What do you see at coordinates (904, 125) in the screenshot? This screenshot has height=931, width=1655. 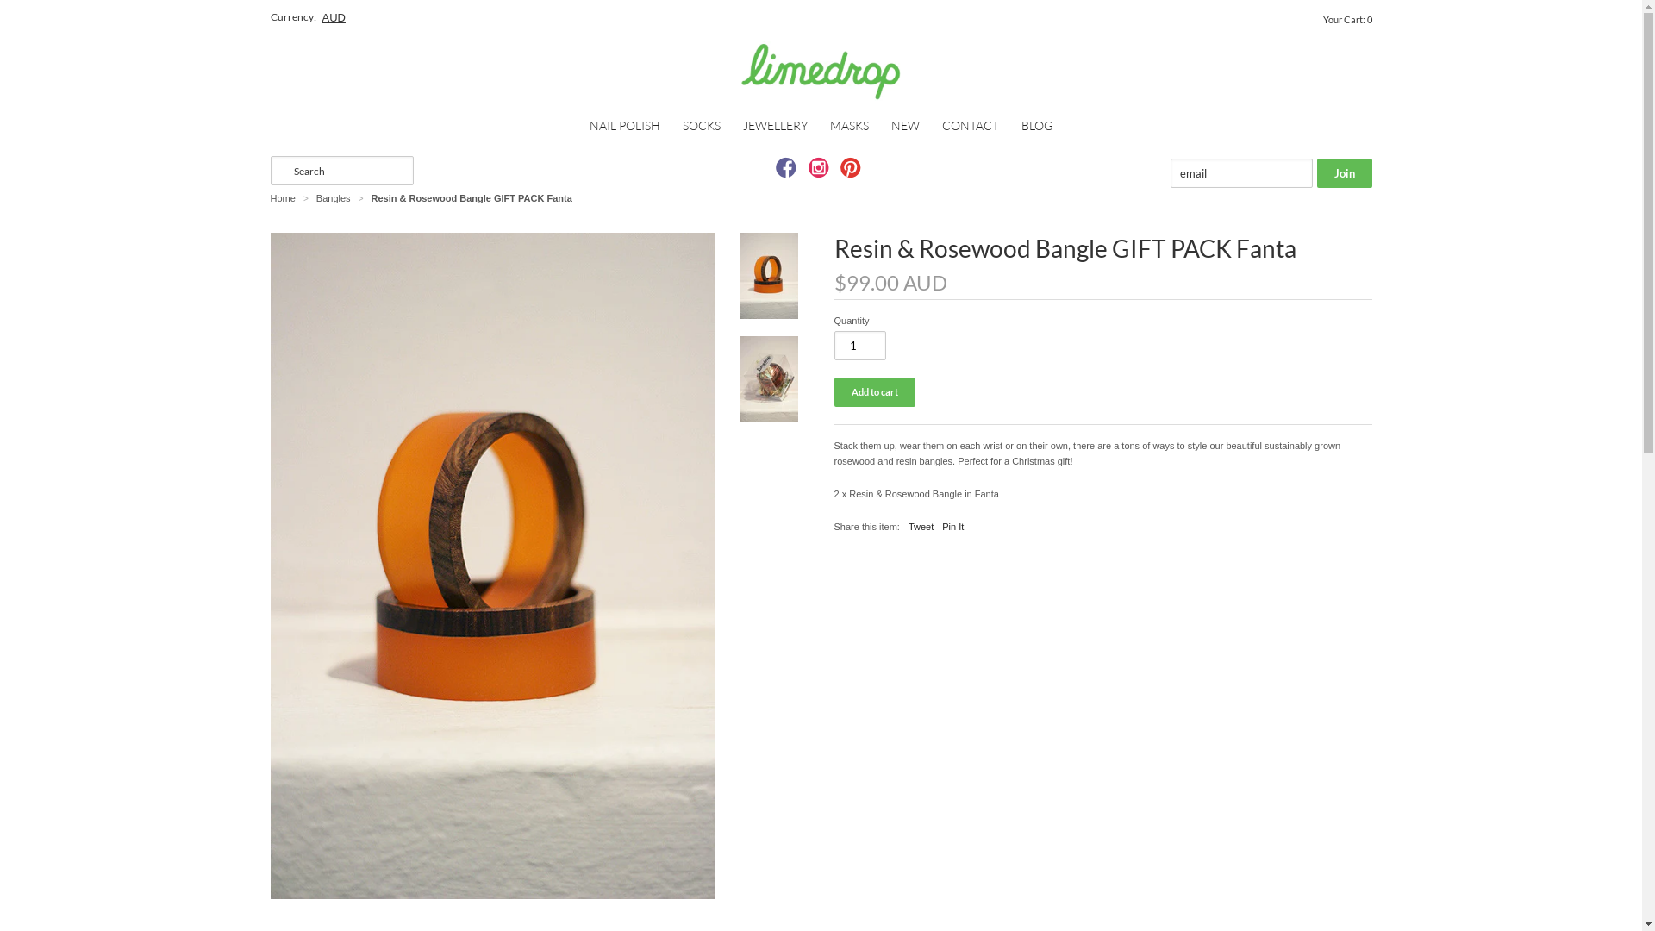 I see `'NEW'` at bounding box center [904, 125].